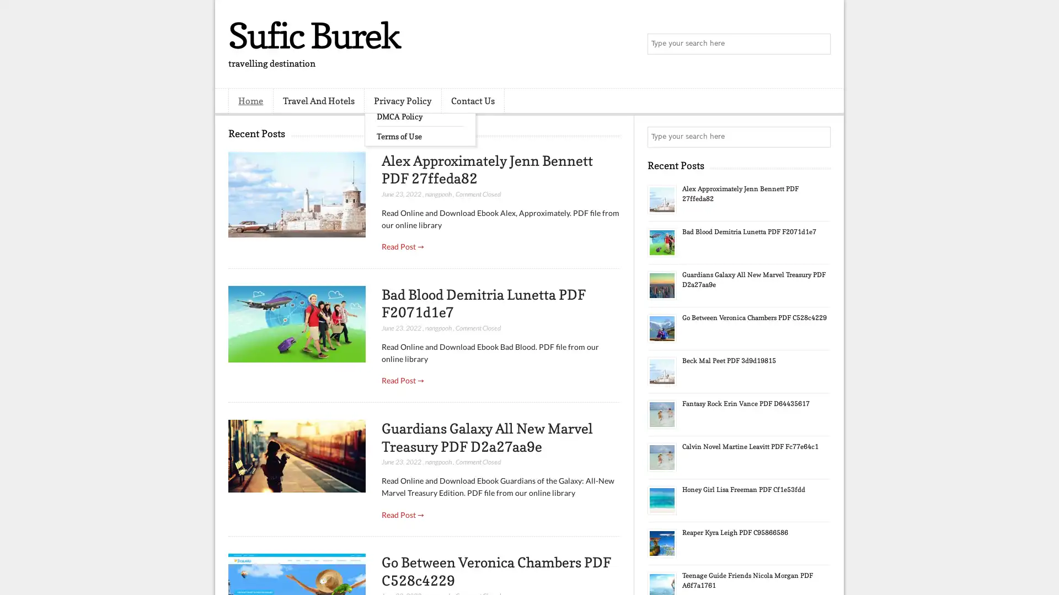 This screenshot has width=1059, height=595. Describe the element at coordinates (819, 44) in the screenshot. I see `Search` at that location.